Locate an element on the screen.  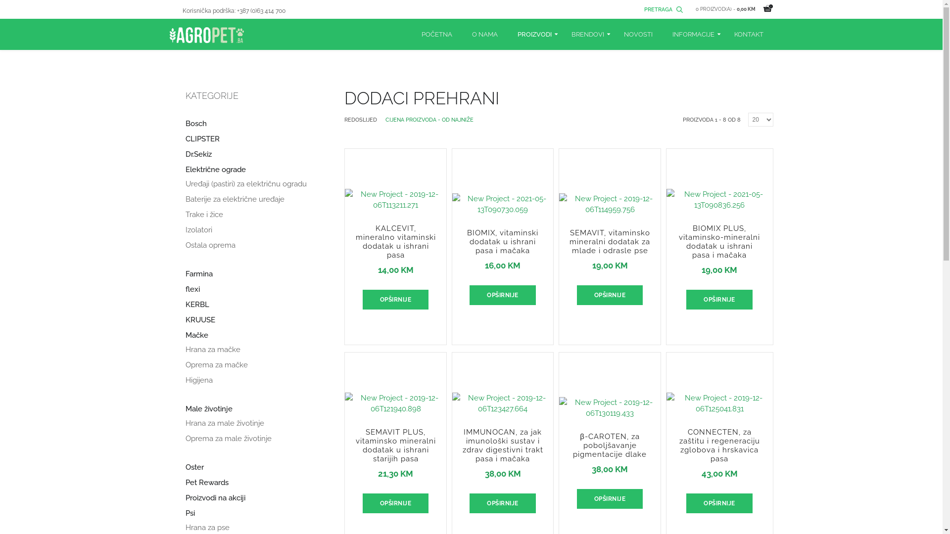
'Psi' is located at coordinates (190, 513).